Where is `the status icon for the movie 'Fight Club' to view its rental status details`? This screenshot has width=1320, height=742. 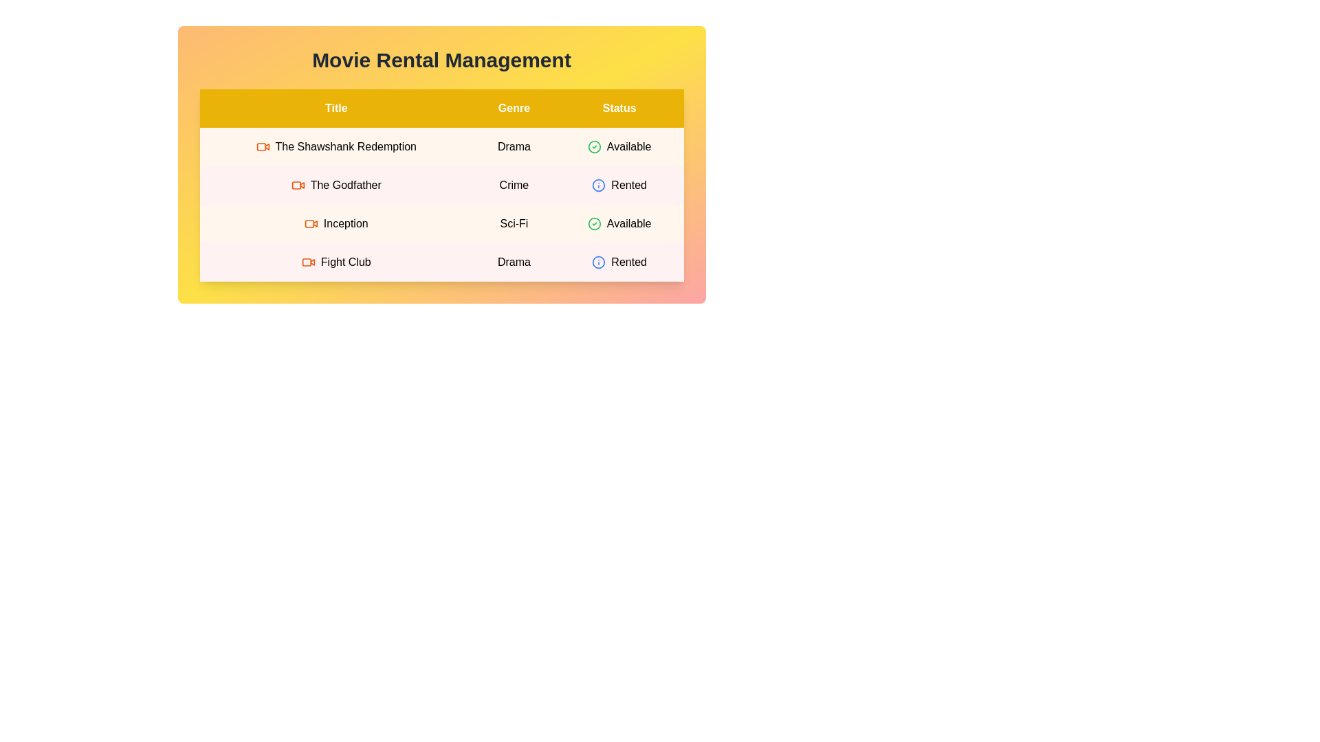 the status icon for the movie 'Fight Club' to view its rental status details is located at coordinates (599, 262).